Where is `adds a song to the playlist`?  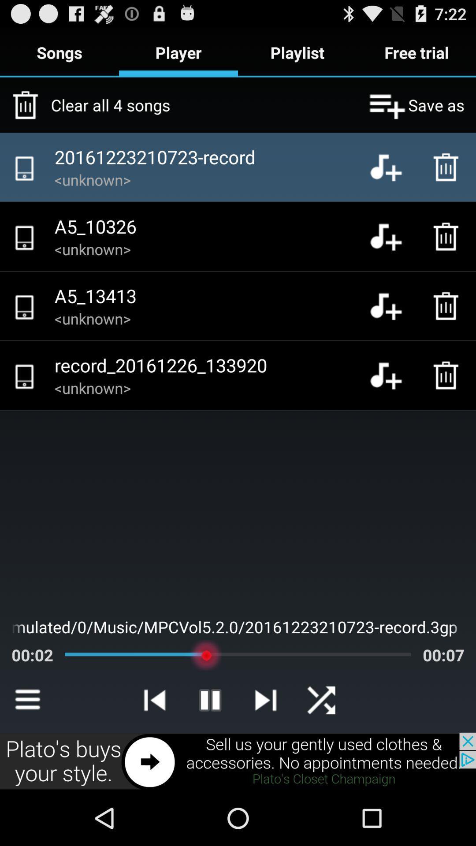
adds a song to the playlist is located at coordinates (392, 375).